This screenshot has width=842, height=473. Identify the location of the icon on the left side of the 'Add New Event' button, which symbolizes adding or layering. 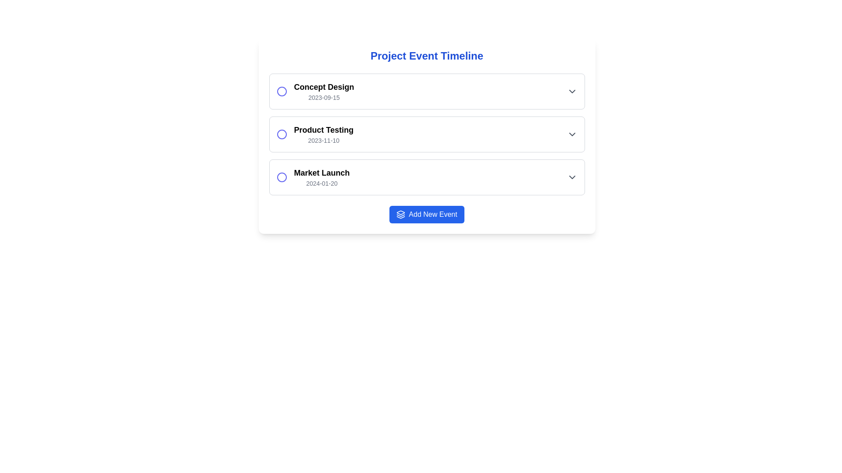
(400, 214).